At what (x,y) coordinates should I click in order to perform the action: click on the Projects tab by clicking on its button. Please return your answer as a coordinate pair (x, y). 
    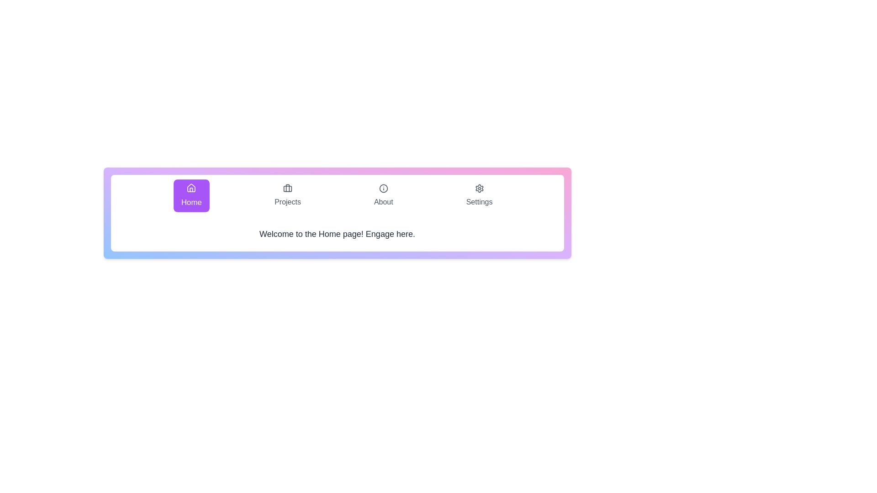
    Looking at the image, I should click on (287, 195).